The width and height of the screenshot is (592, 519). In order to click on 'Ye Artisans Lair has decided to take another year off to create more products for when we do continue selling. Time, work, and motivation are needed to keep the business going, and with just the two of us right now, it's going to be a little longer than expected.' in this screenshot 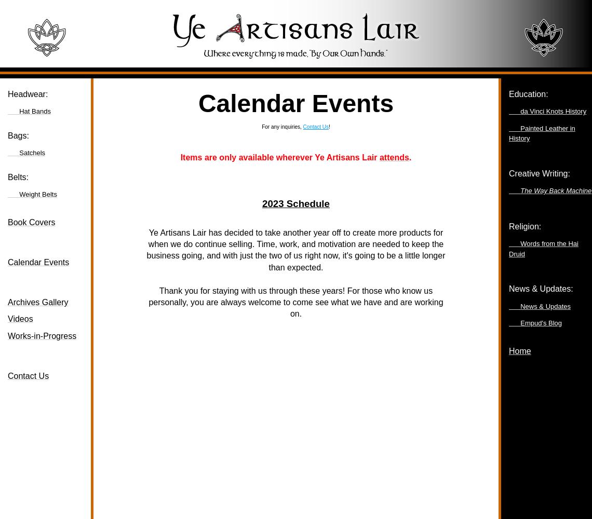, I will do `click(295, 249)`.